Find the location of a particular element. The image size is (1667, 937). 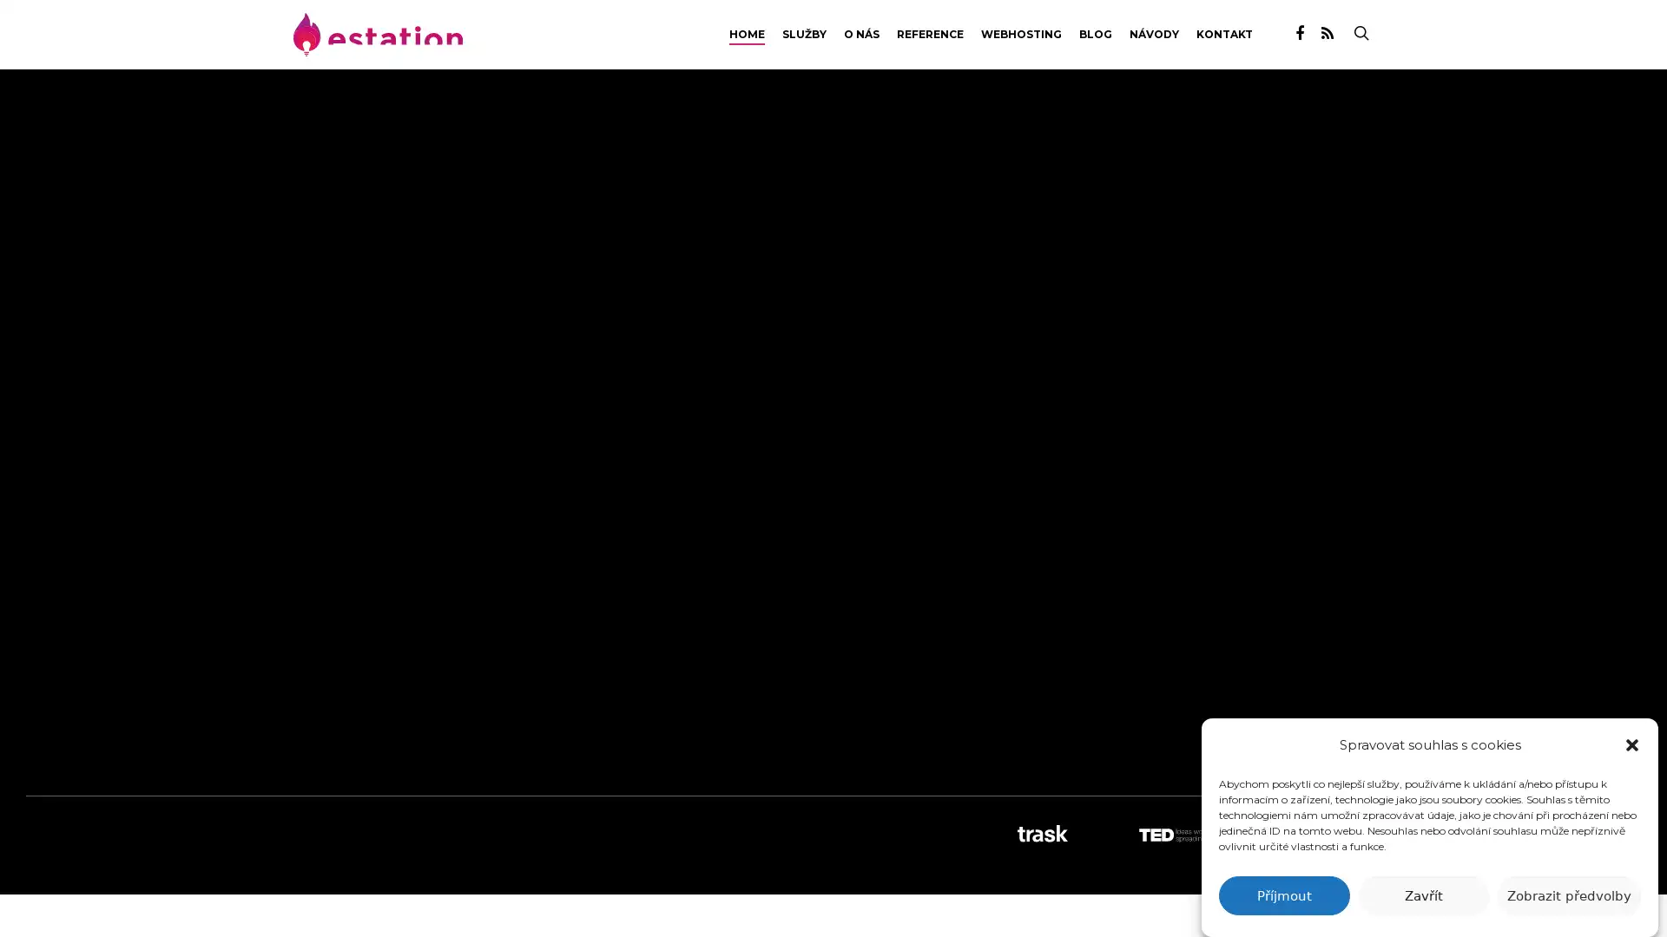

close-dialog is located at coordinates (1631, 744).